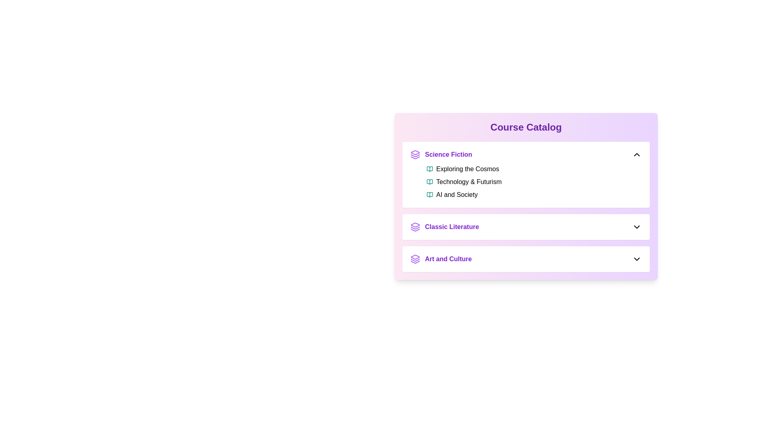 The image size is (772, 434). What do you see at coordinates (636, 227) in the screenshot?
I see `the icon to expand or collapse the category Classic Literature` at bounding box center [636, 227].